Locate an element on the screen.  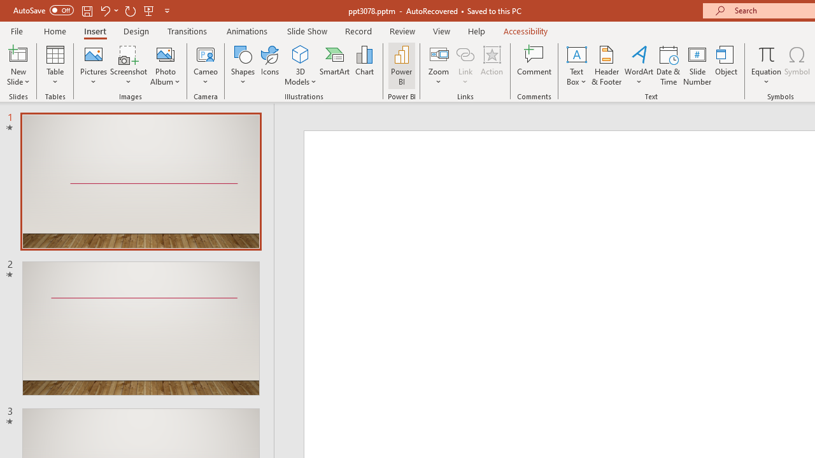
'Power BI' is located at coordinates (401, 66).